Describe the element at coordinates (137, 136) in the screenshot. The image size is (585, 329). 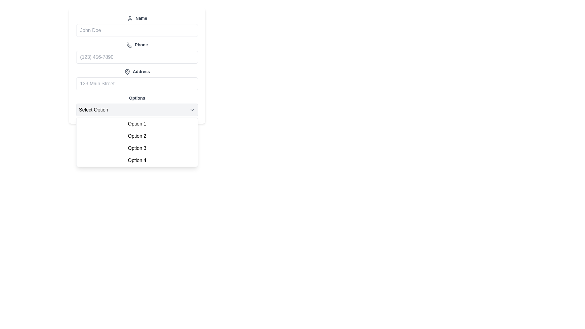
I see `the second text item in the dropdown list that appears below the 'Options' field` at that location.